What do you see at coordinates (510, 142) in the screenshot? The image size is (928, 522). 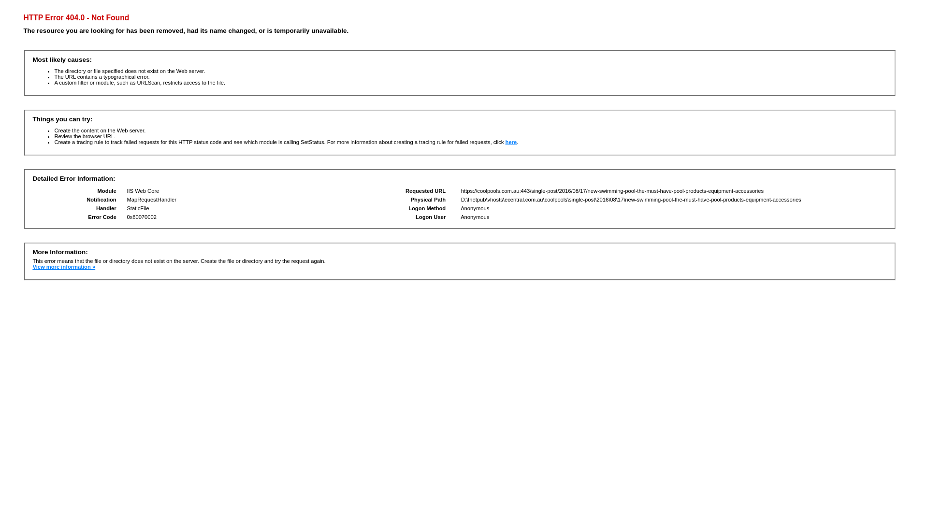 I see `'here'` at bounding box center [510, 142].